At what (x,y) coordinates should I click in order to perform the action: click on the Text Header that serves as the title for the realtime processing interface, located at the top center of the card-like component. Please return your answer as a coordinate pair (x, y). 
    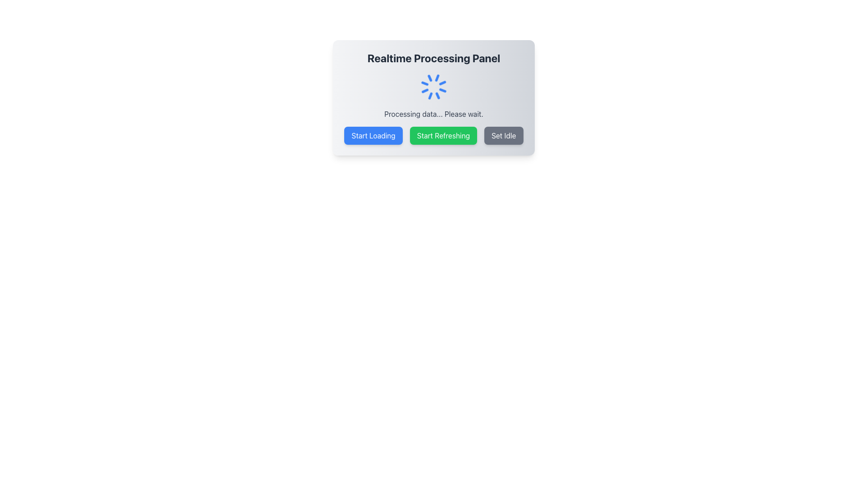
    Looking at the image, I should click on (434, 58).